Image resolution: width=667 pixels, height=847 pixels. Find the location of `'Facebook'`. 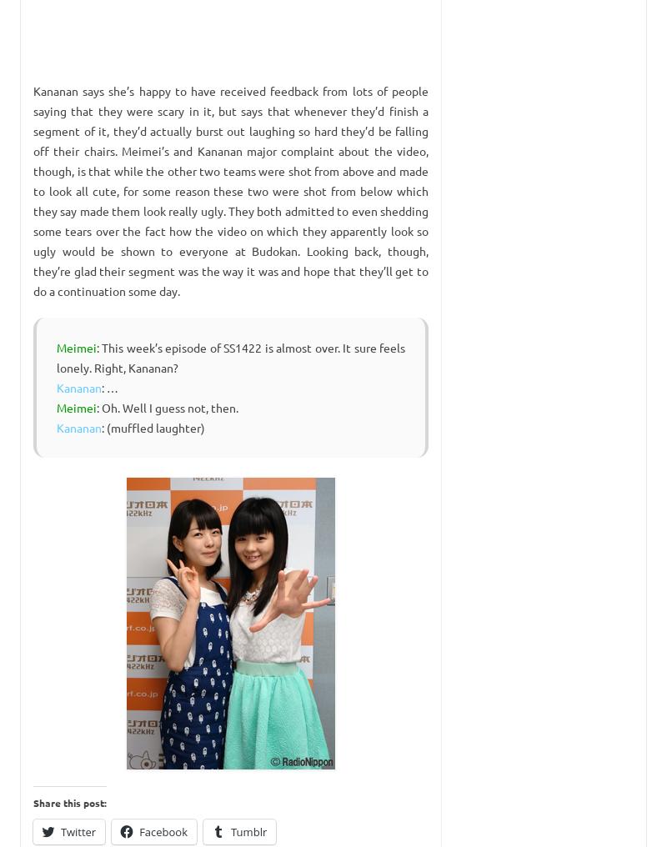

'Facebook' is located at coordinates (163, 831).